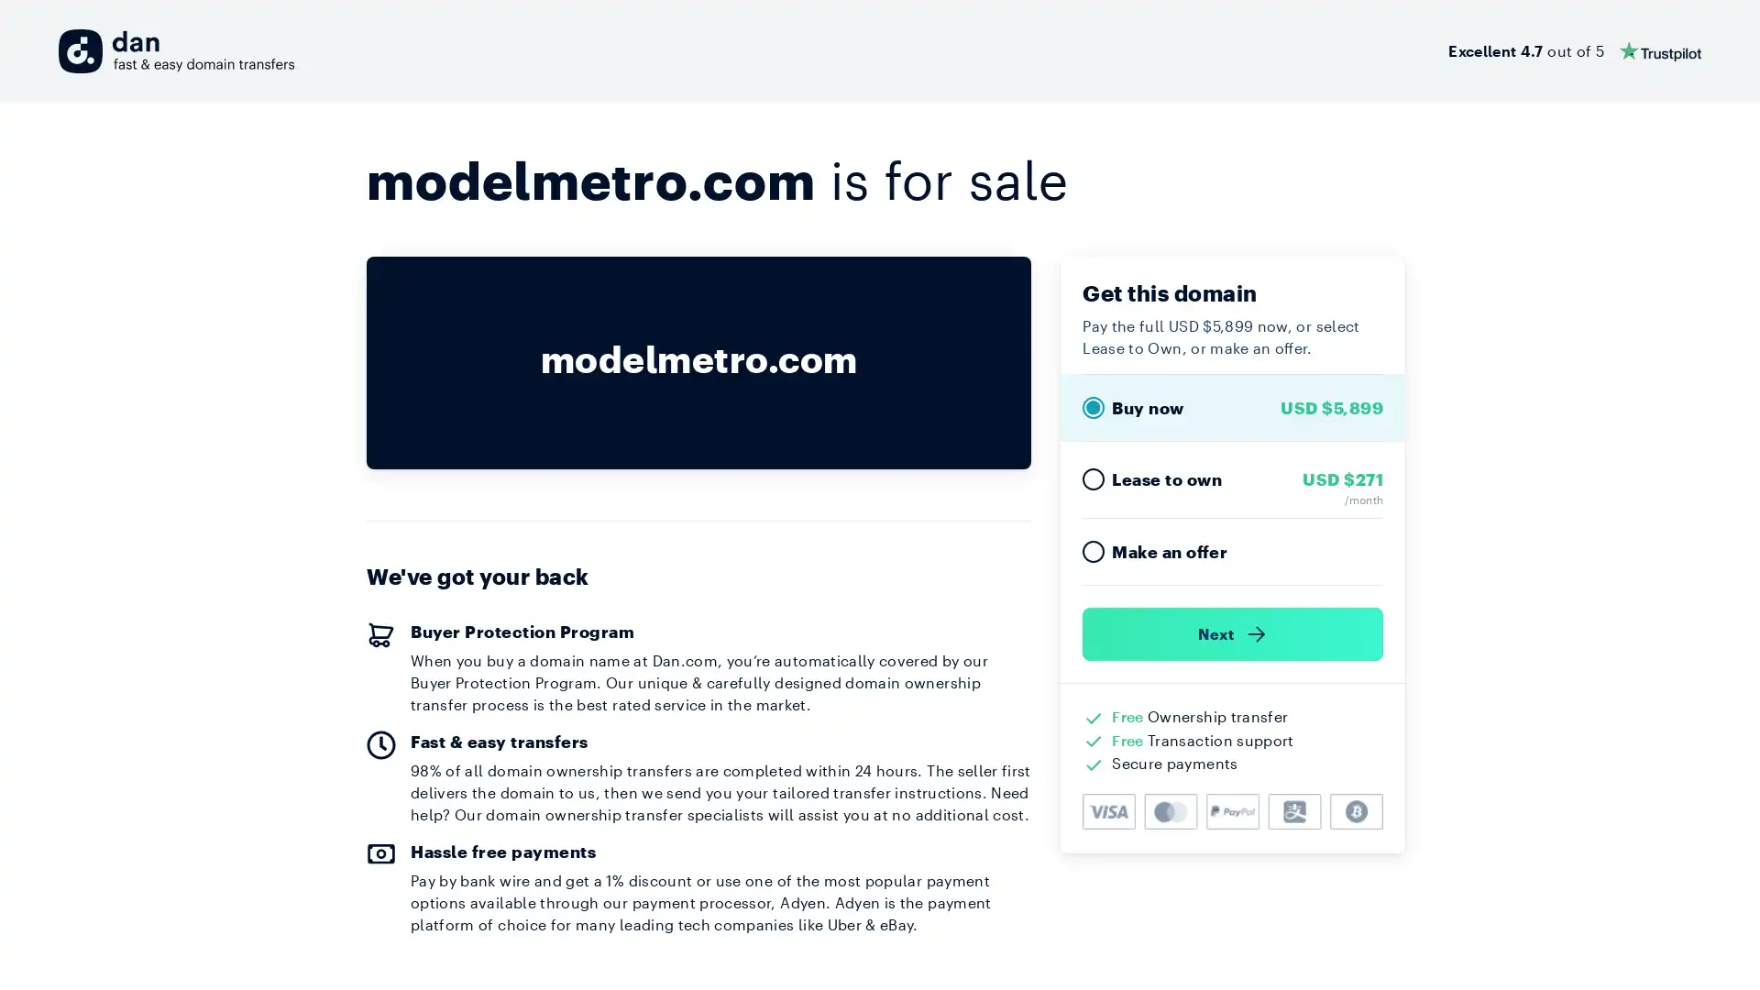 Image resolution: width=1760 pixels, height=990 pixels. What do you see at coordinates (1713, 943) in the screenshot?
I see `Open Intercom Messenger` at bounding box center [1713, 943].